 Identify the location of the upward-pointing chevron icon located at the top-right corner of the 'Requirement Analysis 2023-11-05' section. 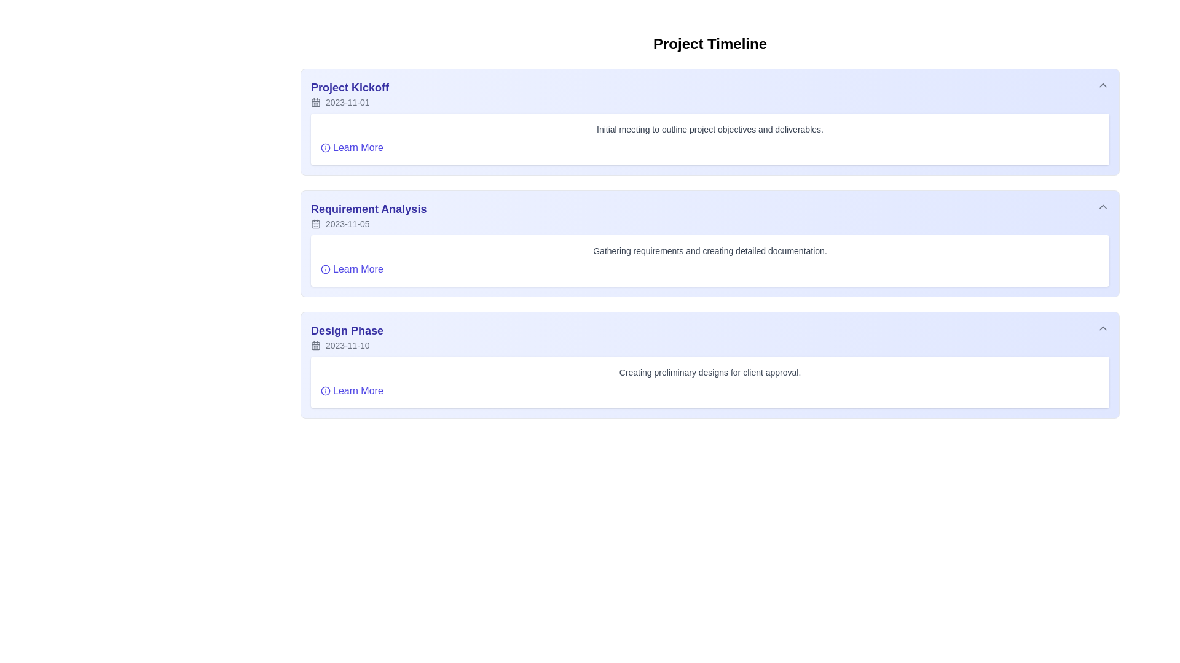
(1103, 206).